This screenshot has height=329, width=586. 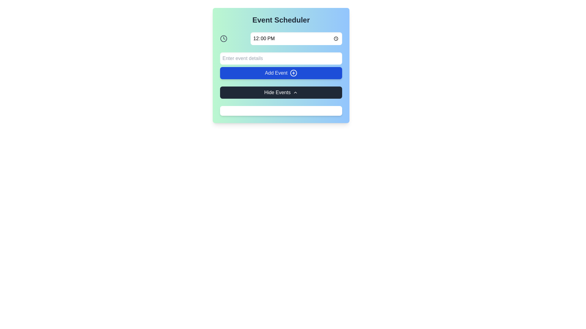 I want to click on the circular outline of the clock icon located at the top-left corner of the 'Event Scheduler' interface, which defines the outer boundary of the clock's face, so click(x=223, y=39).